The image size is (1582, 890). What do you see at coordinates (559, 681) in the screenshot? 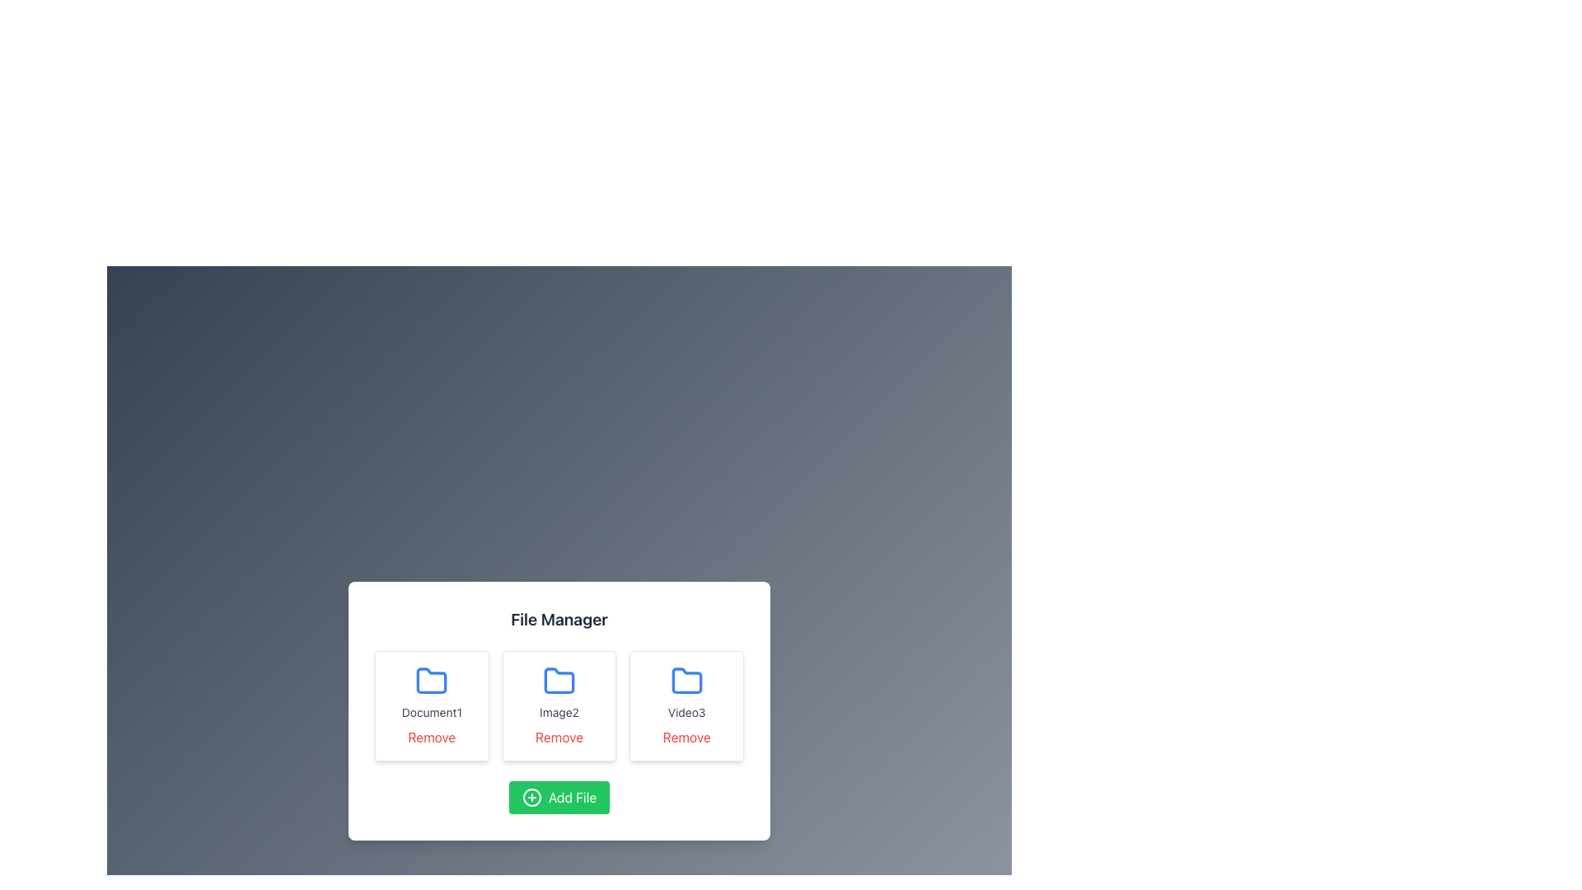
I see `the 'Image2' folder icon in the file manager` at bounding box center [559, 681].